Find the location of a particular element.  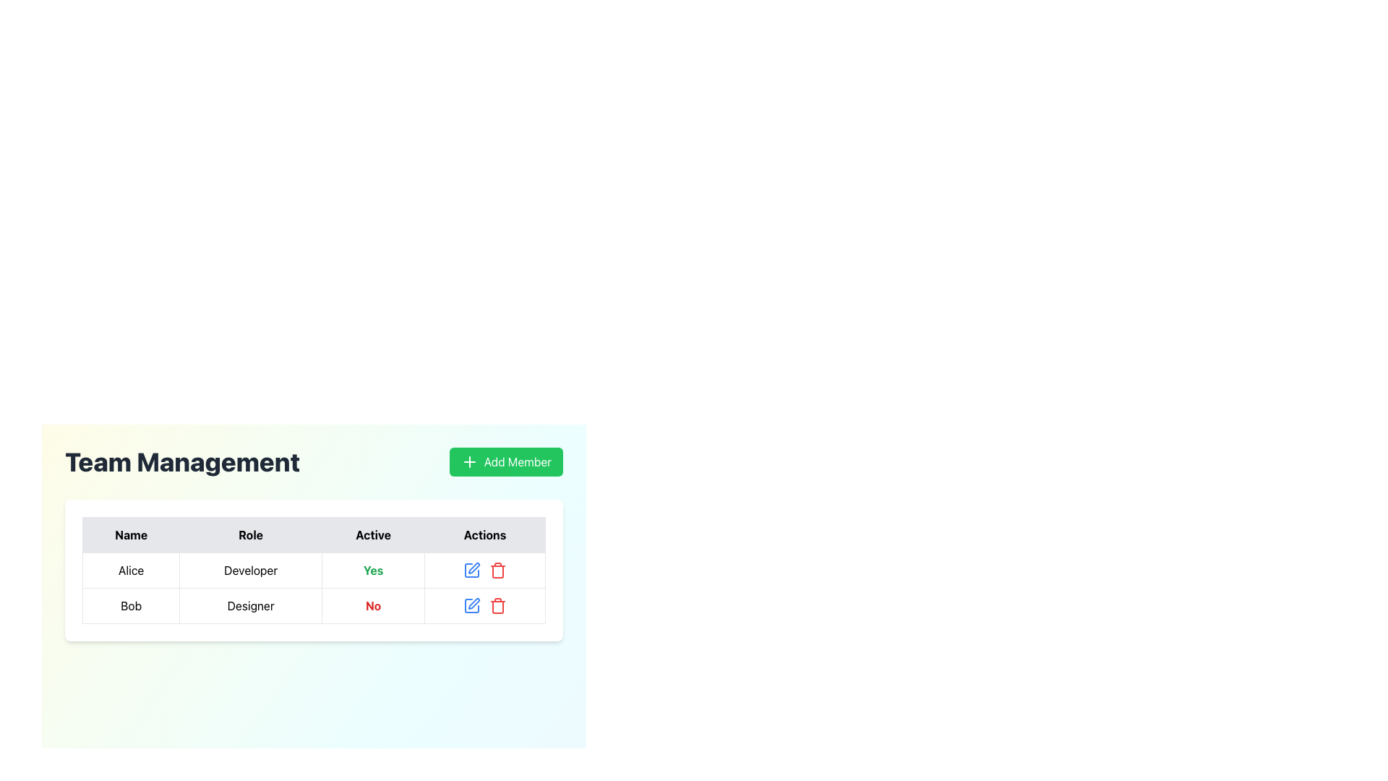

the edit icon in the 'Actions' column for the team member 'Bob' is located at coordinates (472, 605).